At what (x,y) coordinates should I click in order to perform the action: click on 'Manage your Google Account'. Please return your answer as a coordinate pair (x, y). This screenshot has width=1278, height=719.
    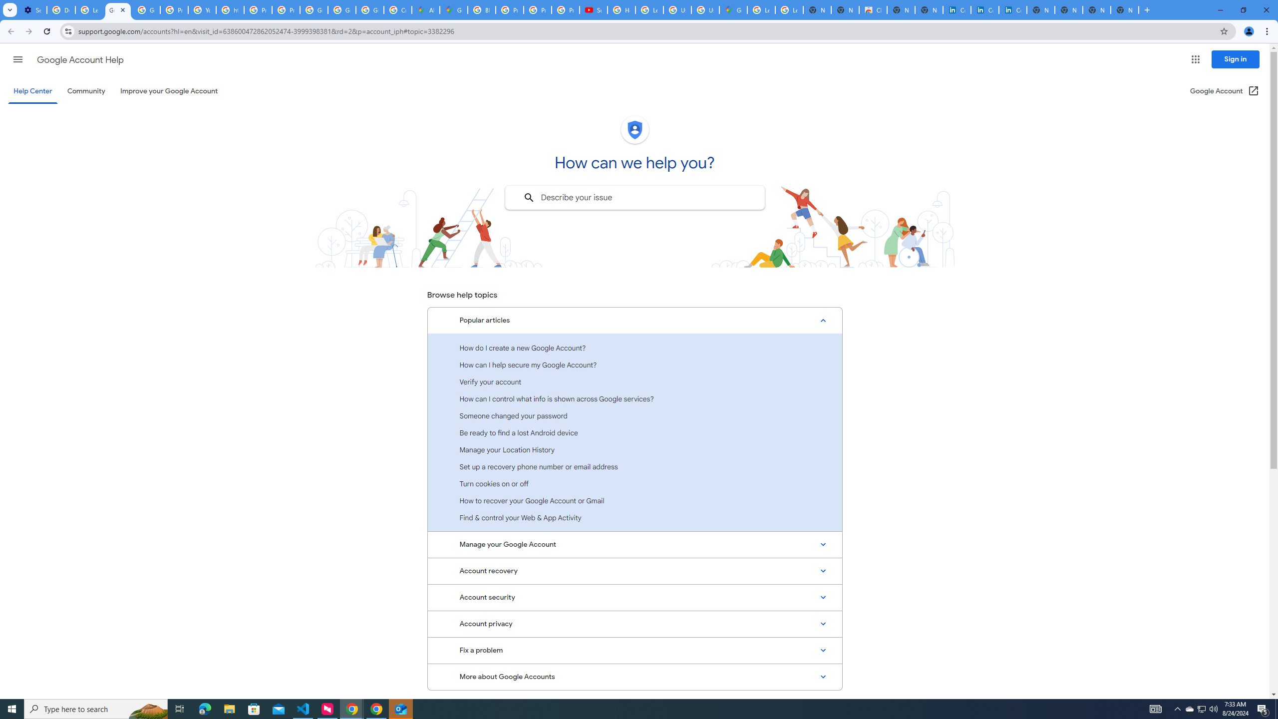
    Looking at the image, I should click on (635, 545).